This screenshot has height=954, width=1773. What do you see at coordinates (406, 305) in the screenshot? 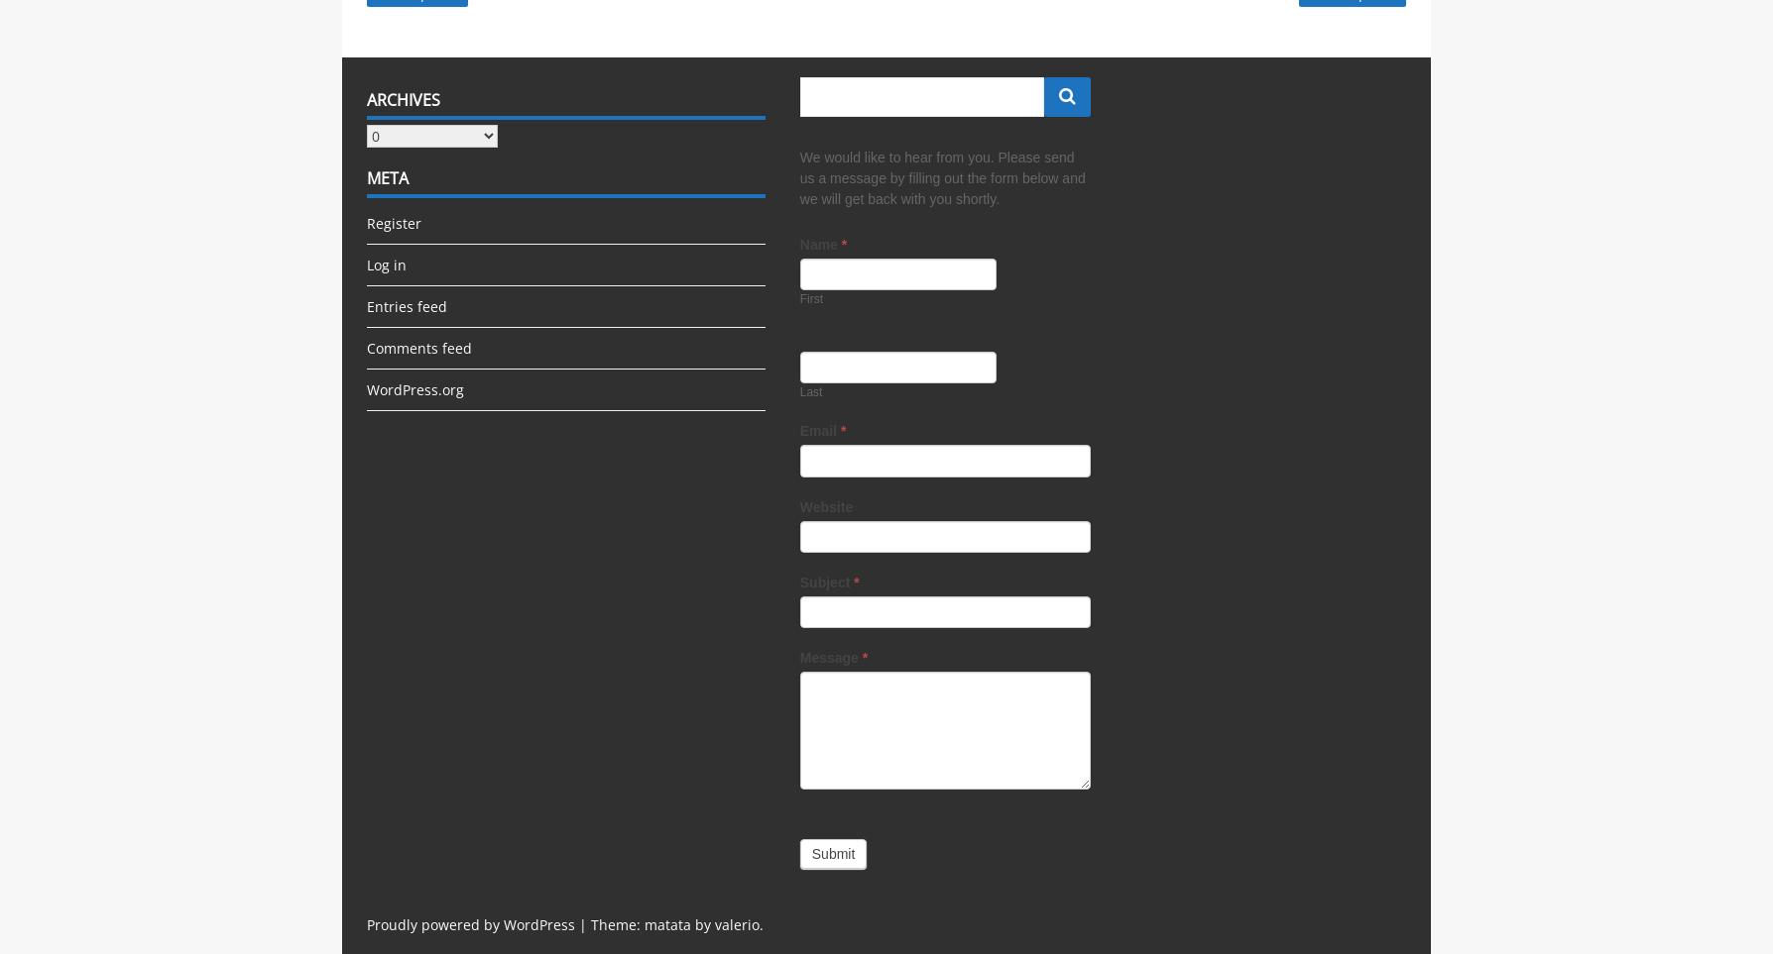
I see `'Entries feed'` at bounding box center [406, 305].